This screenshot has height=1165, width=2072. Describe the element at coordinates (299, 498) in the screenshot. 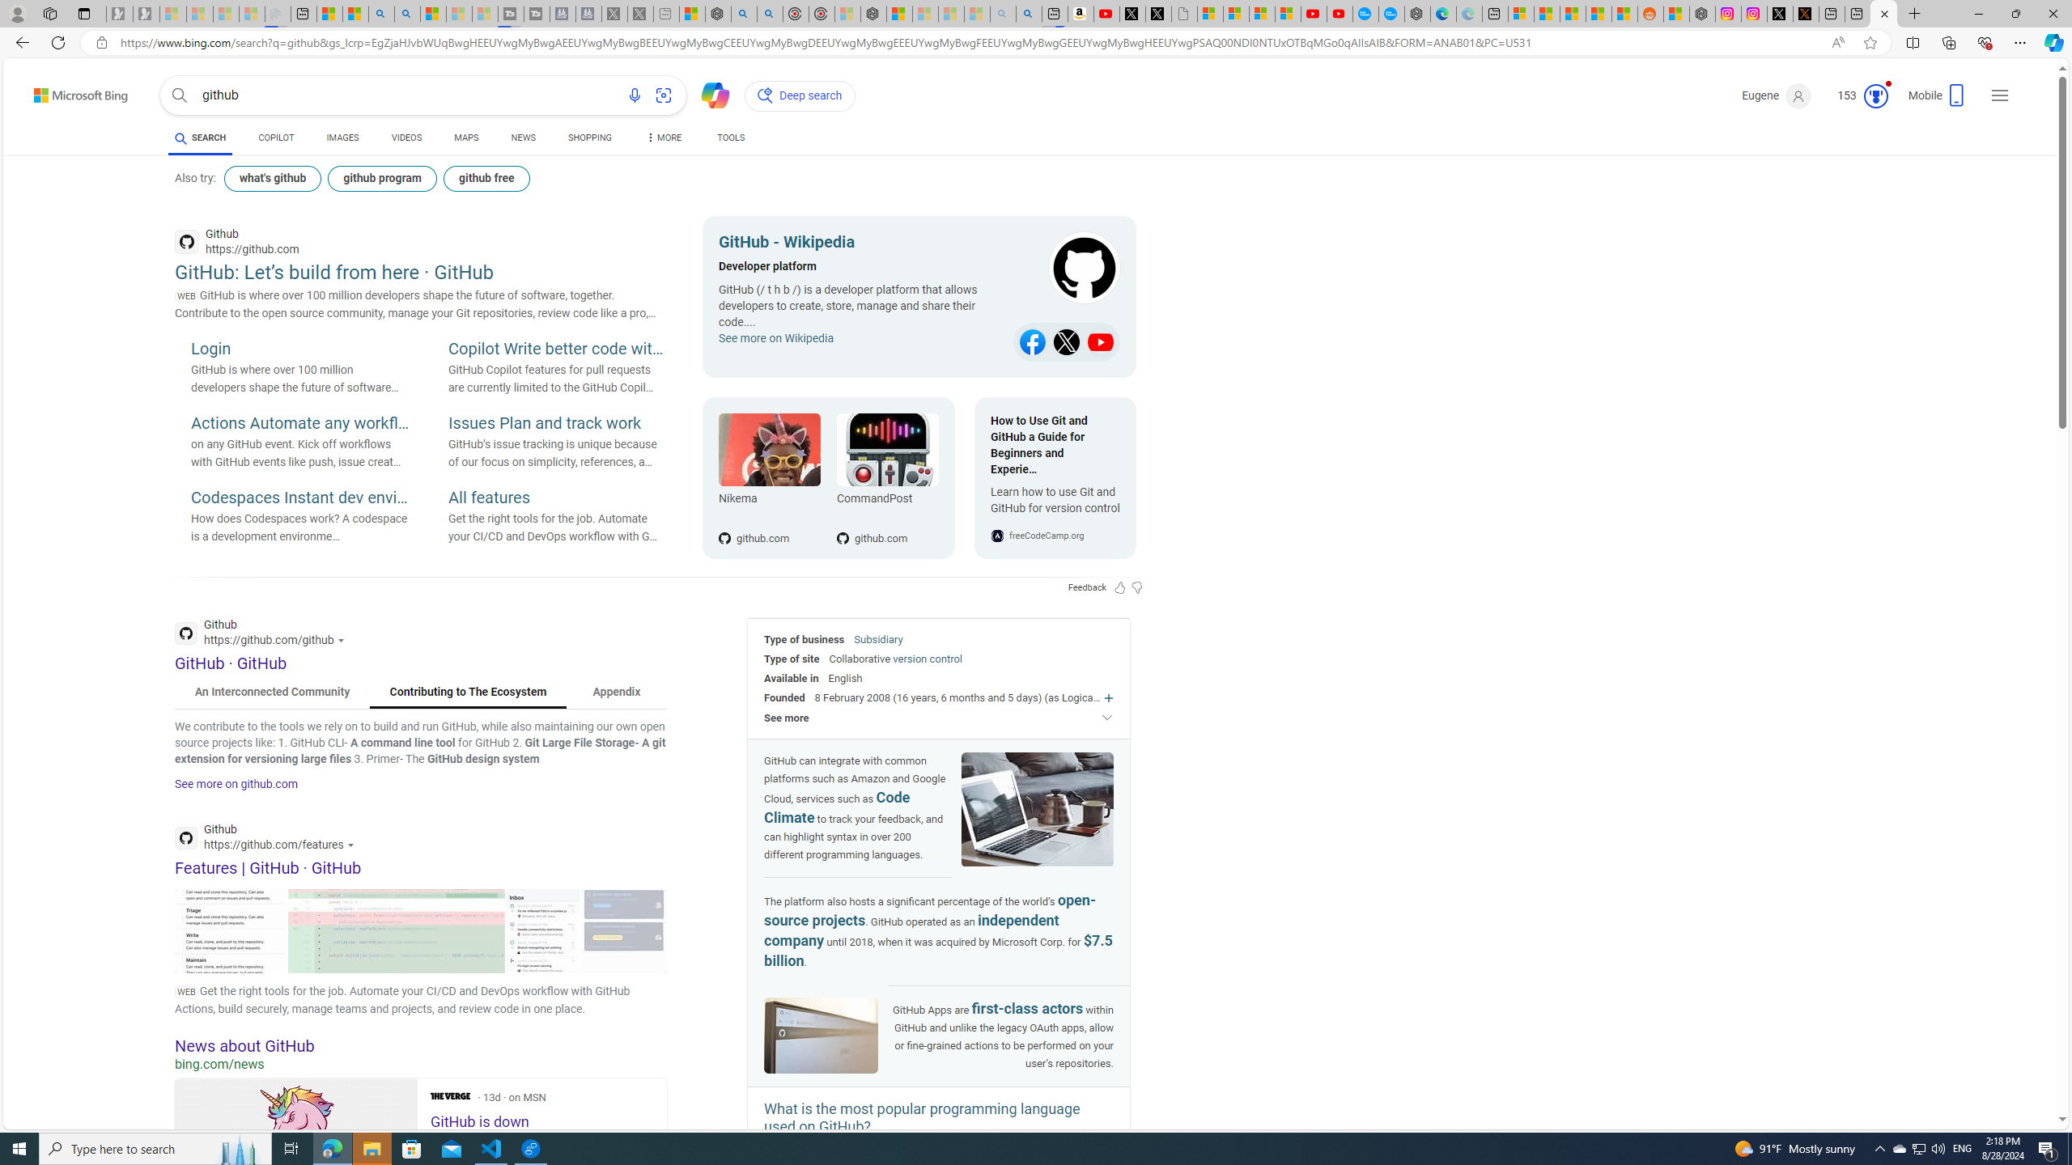

I see `'Codespaces Instant dev environments'` at that location.